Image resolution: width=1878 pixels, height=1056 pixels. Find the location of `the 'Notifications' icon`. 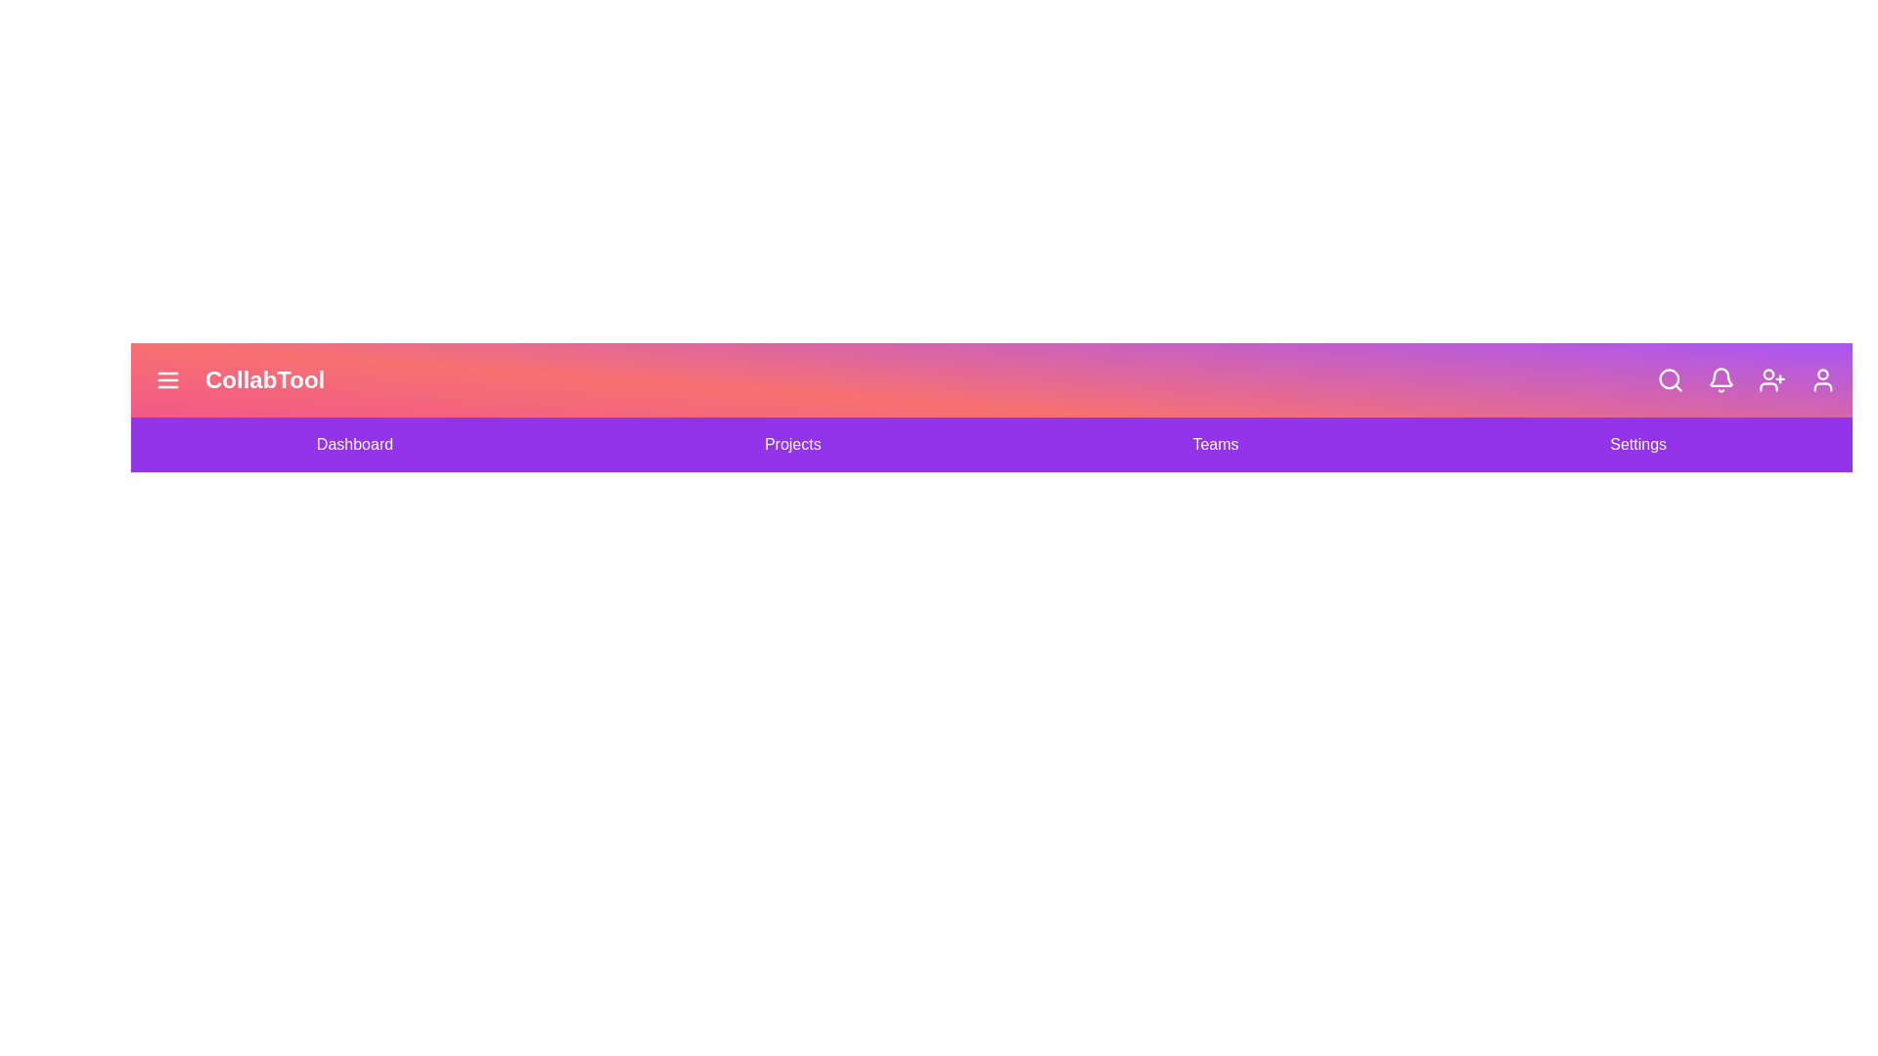

the 'Notifications' icon is located at coordinates (1721, 380).